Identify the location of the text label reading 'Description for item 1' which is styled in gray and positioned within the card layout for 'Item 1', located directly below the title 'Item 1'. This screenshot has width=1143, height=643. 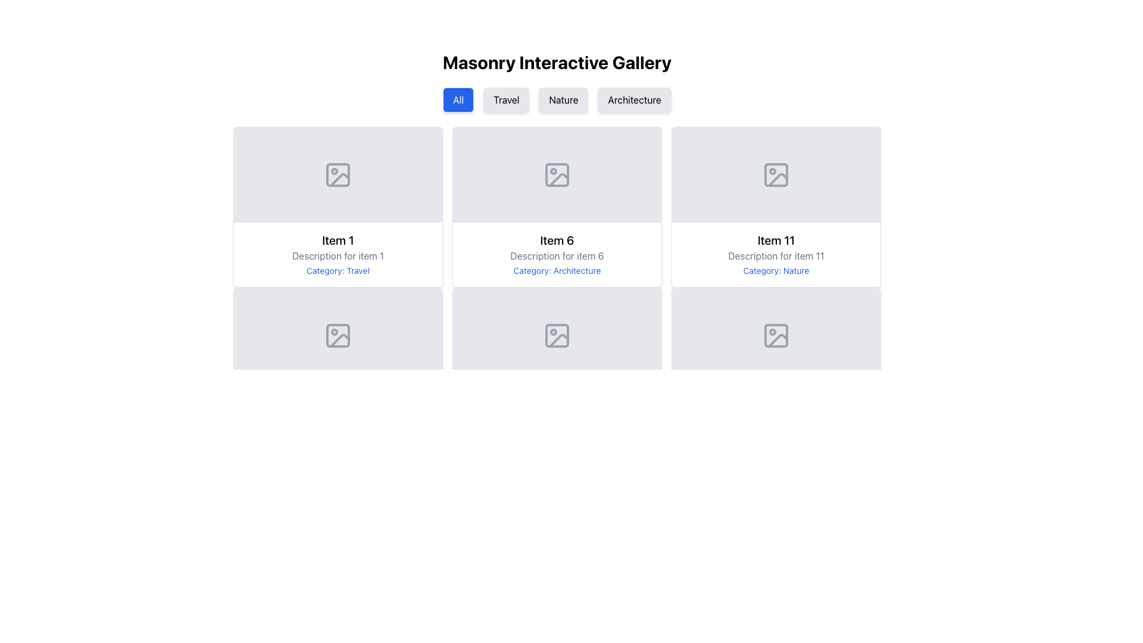
(337, 255).